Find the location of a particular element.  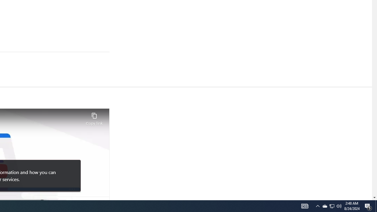

'Copy link' is located at coordinates (94, 117).